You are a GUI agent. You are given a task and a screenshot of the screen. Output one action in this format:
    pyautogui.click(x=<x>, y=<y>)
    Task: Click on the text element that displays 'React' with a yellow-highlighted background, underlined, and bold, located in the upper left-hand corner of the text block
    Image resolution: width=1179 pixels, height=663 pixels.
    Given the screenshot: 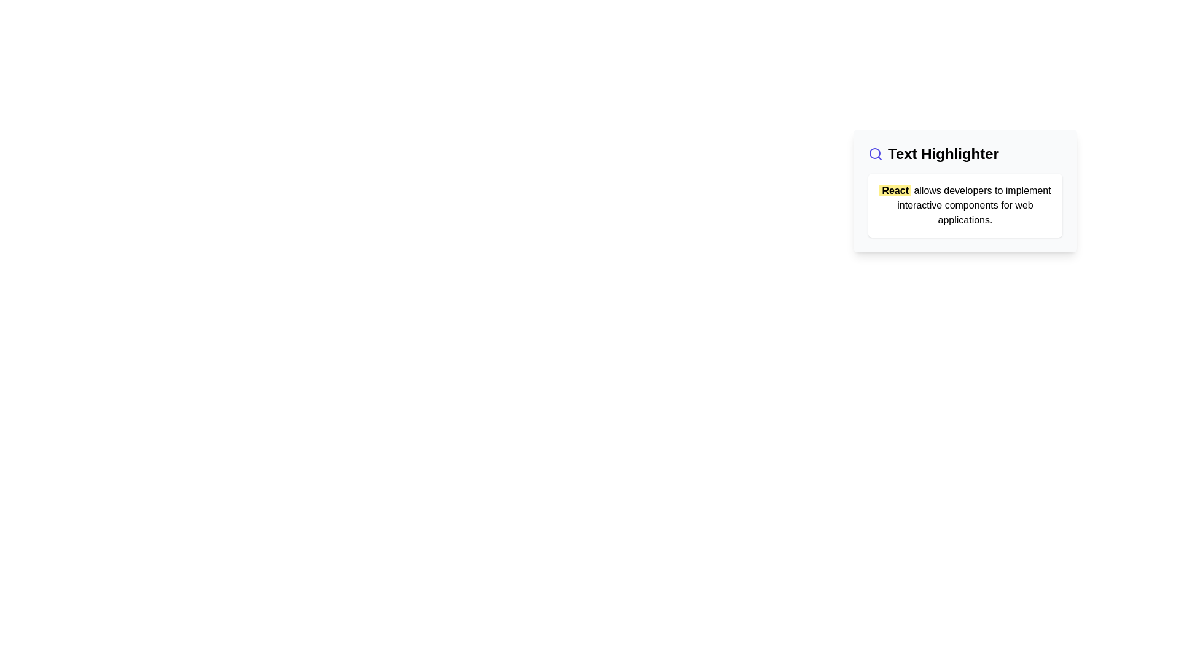 What is the action you would take?
    pyautogui.click(x=895, y=190)
    